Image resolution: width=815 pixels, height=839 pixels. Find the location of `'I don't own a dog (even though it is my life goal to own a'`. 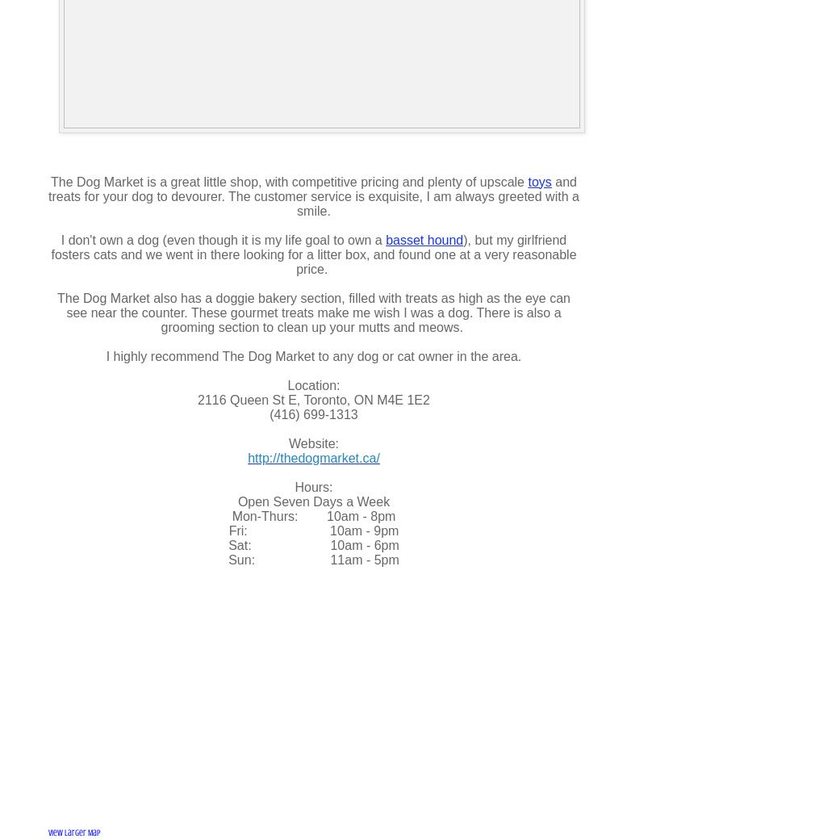

'I don't own a dog (even though it is my life goal to own a' is located at coordinates (60, 239).